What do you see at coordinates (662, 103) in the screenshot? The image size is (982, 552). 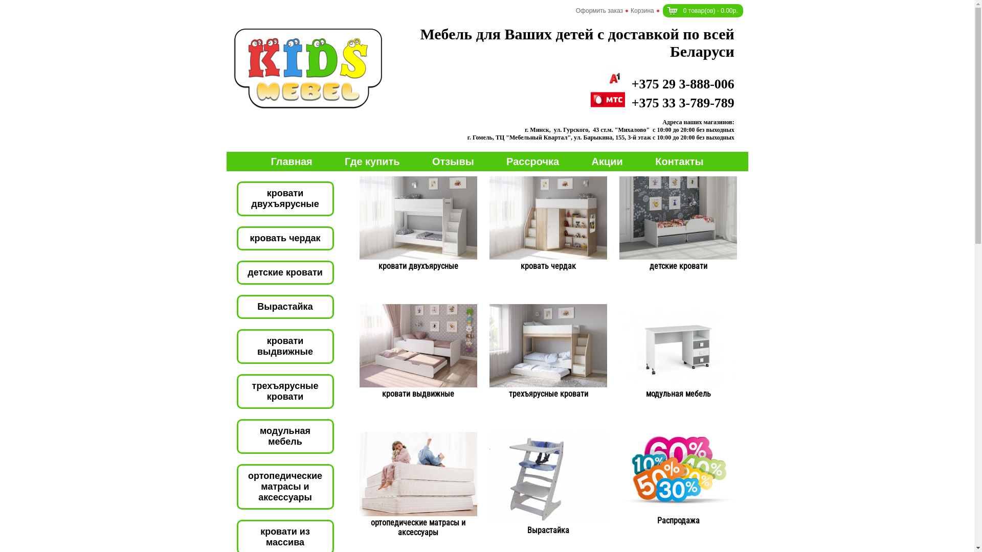 I see `'  +375 33 3-789-789'` at bounding box center [662, 103].